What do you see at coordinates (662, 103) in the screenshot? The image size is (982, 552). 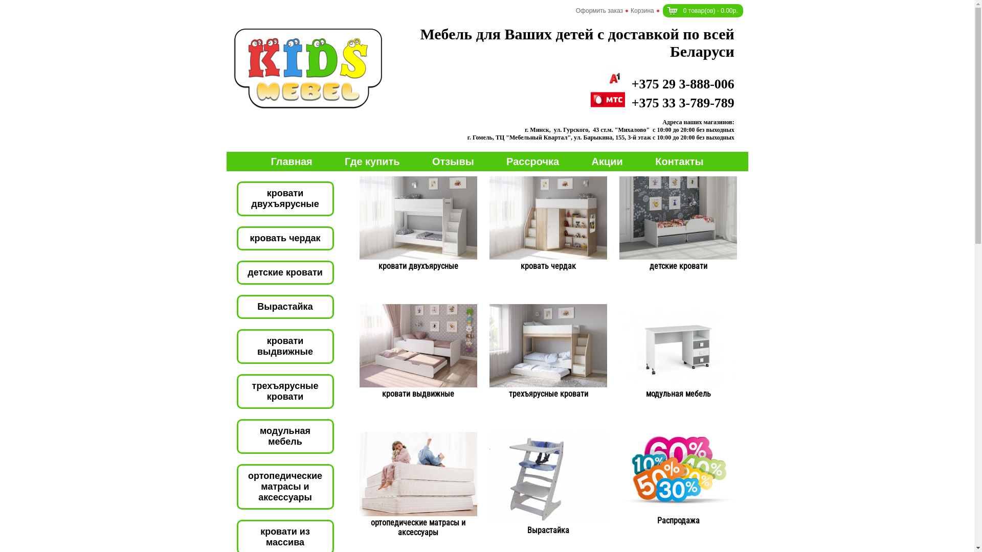 I see `'  +375 33 3-789-789'` at bounding box center [662, 103].